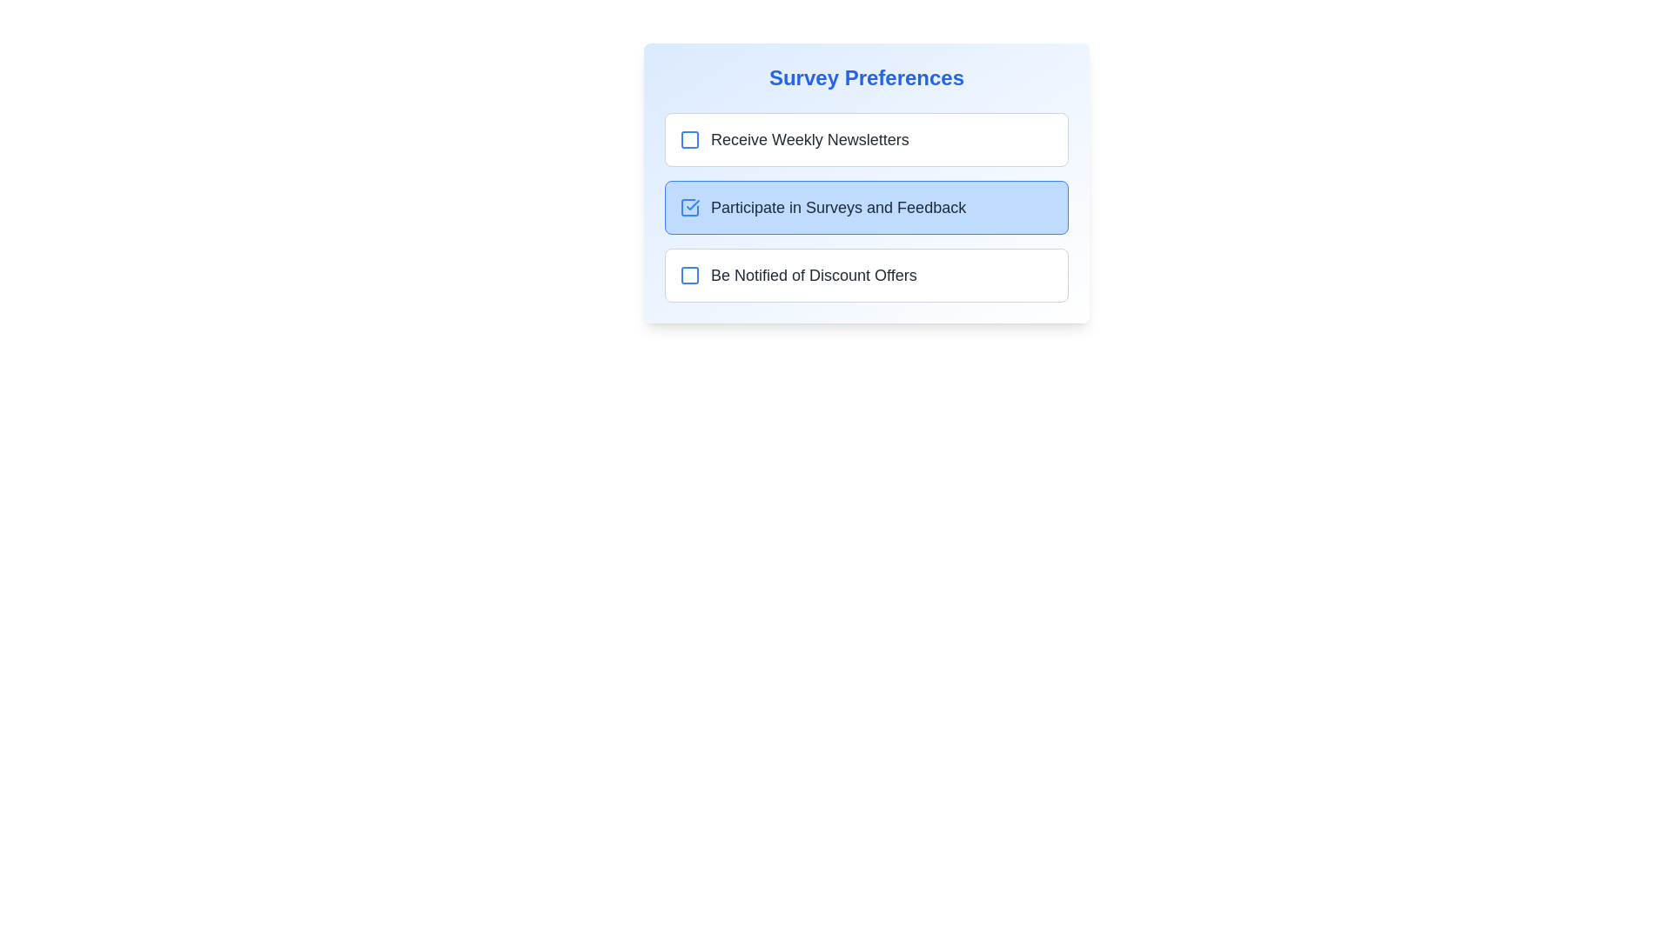 Image resolution: width=1671 pixels, height=939 pixels. I want to click on the Checkbox state indicator for the option labeled 'Participate in Surveys and Feedback', which indicates the selection state of the checkbox, so click(688, 207).